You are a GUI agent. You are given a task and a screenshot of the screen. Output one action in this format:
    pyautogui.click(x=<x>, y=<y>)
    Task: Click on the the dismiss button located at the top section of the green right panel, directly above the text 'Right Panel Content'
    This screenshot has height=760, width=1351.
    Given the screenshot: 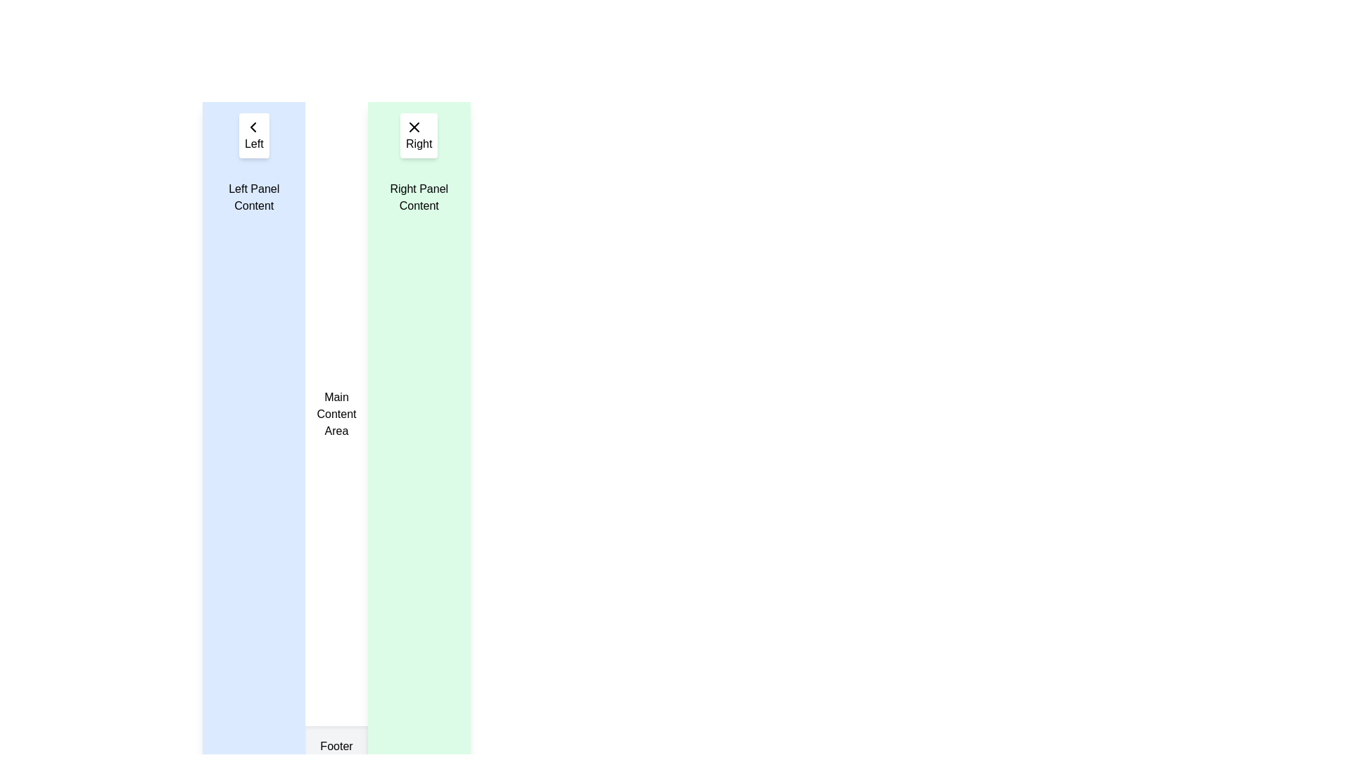 What is the action you would take?
    pyautogui.click(x=418, y=135)
    